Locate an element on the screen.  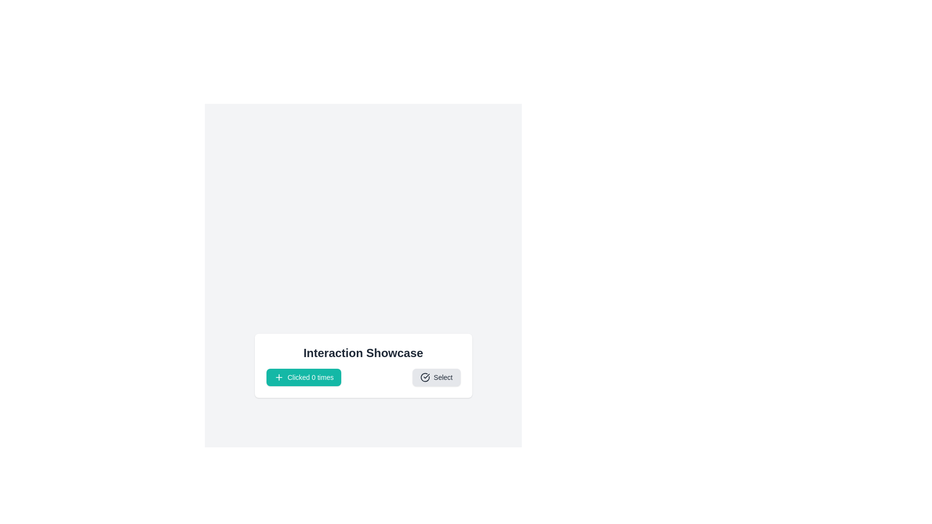
the icon component that visually reinforces the theme of selection is located at coordinates (425, 377).